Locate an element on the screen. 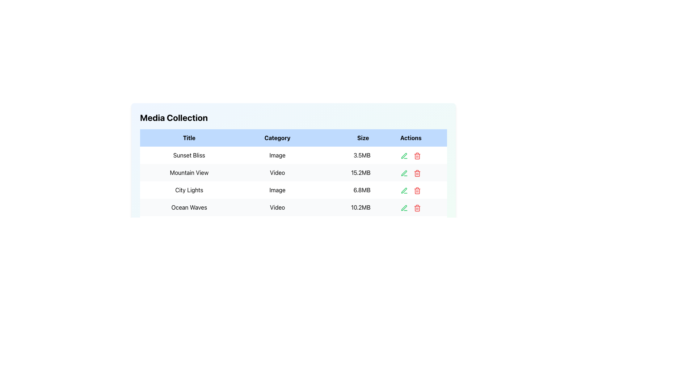 This screenshot has width=695, height=391. the delete button for the 'Mountain View' video item, which is the second icon in the 'Actions' column for the second row of the table is located at coordinates (417, 173).